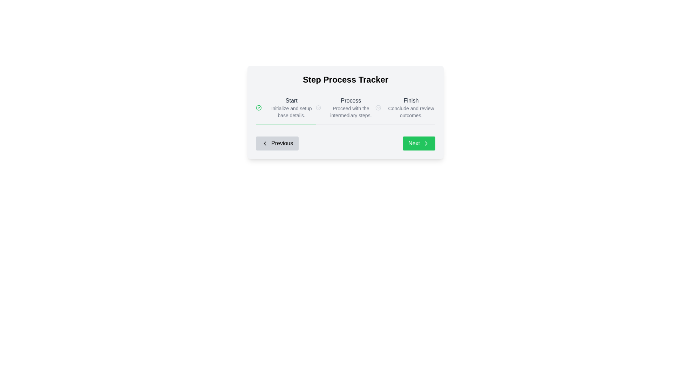 Image resolution: width=673 pixels, height=378 pixels. Describe the element at coordinates (411, 101) in the screenshot. I see `the text label reading 'Finish' in the step tracker interface, which is styled in a medium weight font and dark gray color, positioned above 'Conclude and review outcomes.'` at that location.